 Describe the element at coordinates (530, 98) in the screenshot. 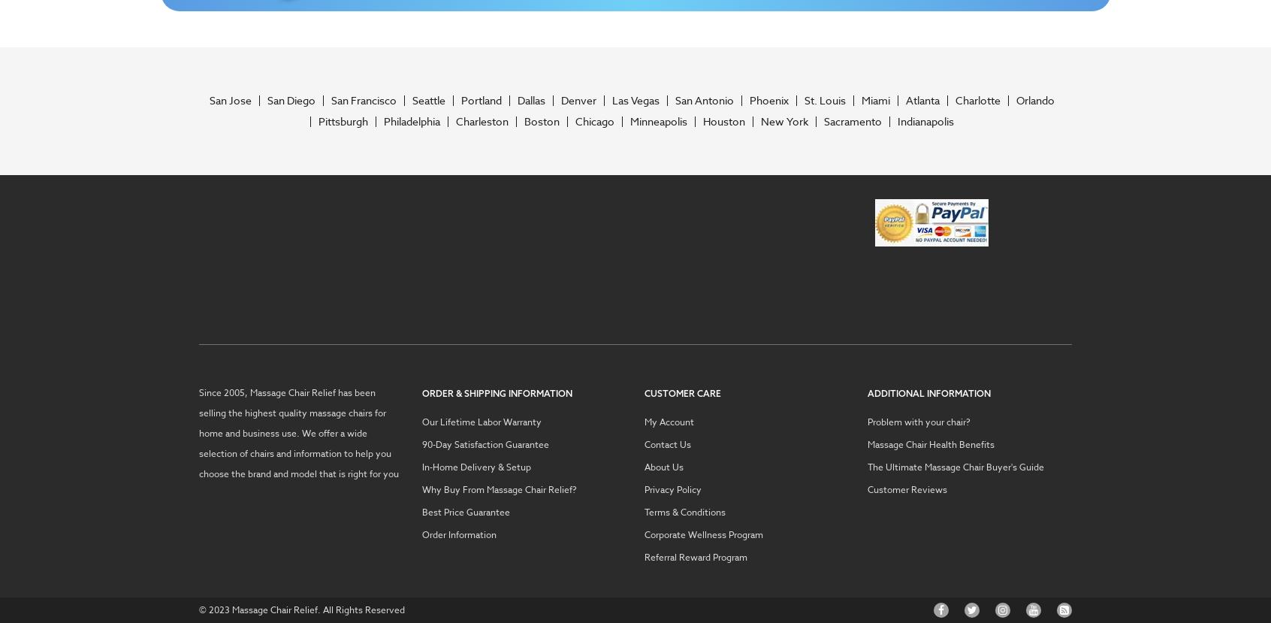

I see `'Dallas'` at that location.